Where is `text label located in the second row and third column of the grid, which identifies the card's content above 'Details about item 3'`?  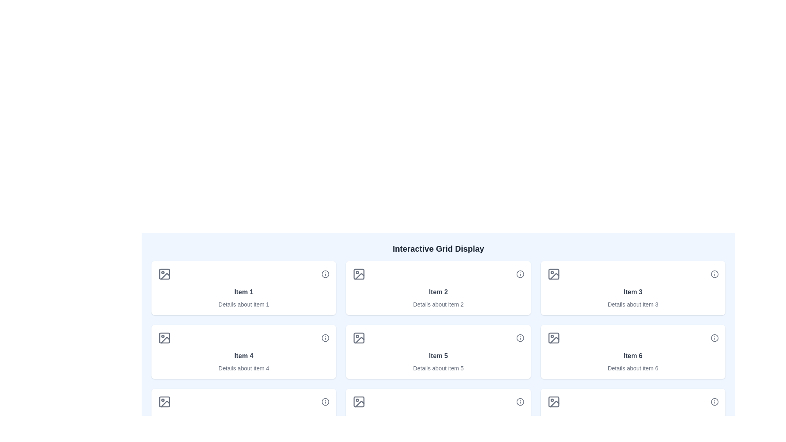 text label located in the second row and third column of the grid, which identifies the card's content above 'Details about item 3' is located at coordinates (632, 291).